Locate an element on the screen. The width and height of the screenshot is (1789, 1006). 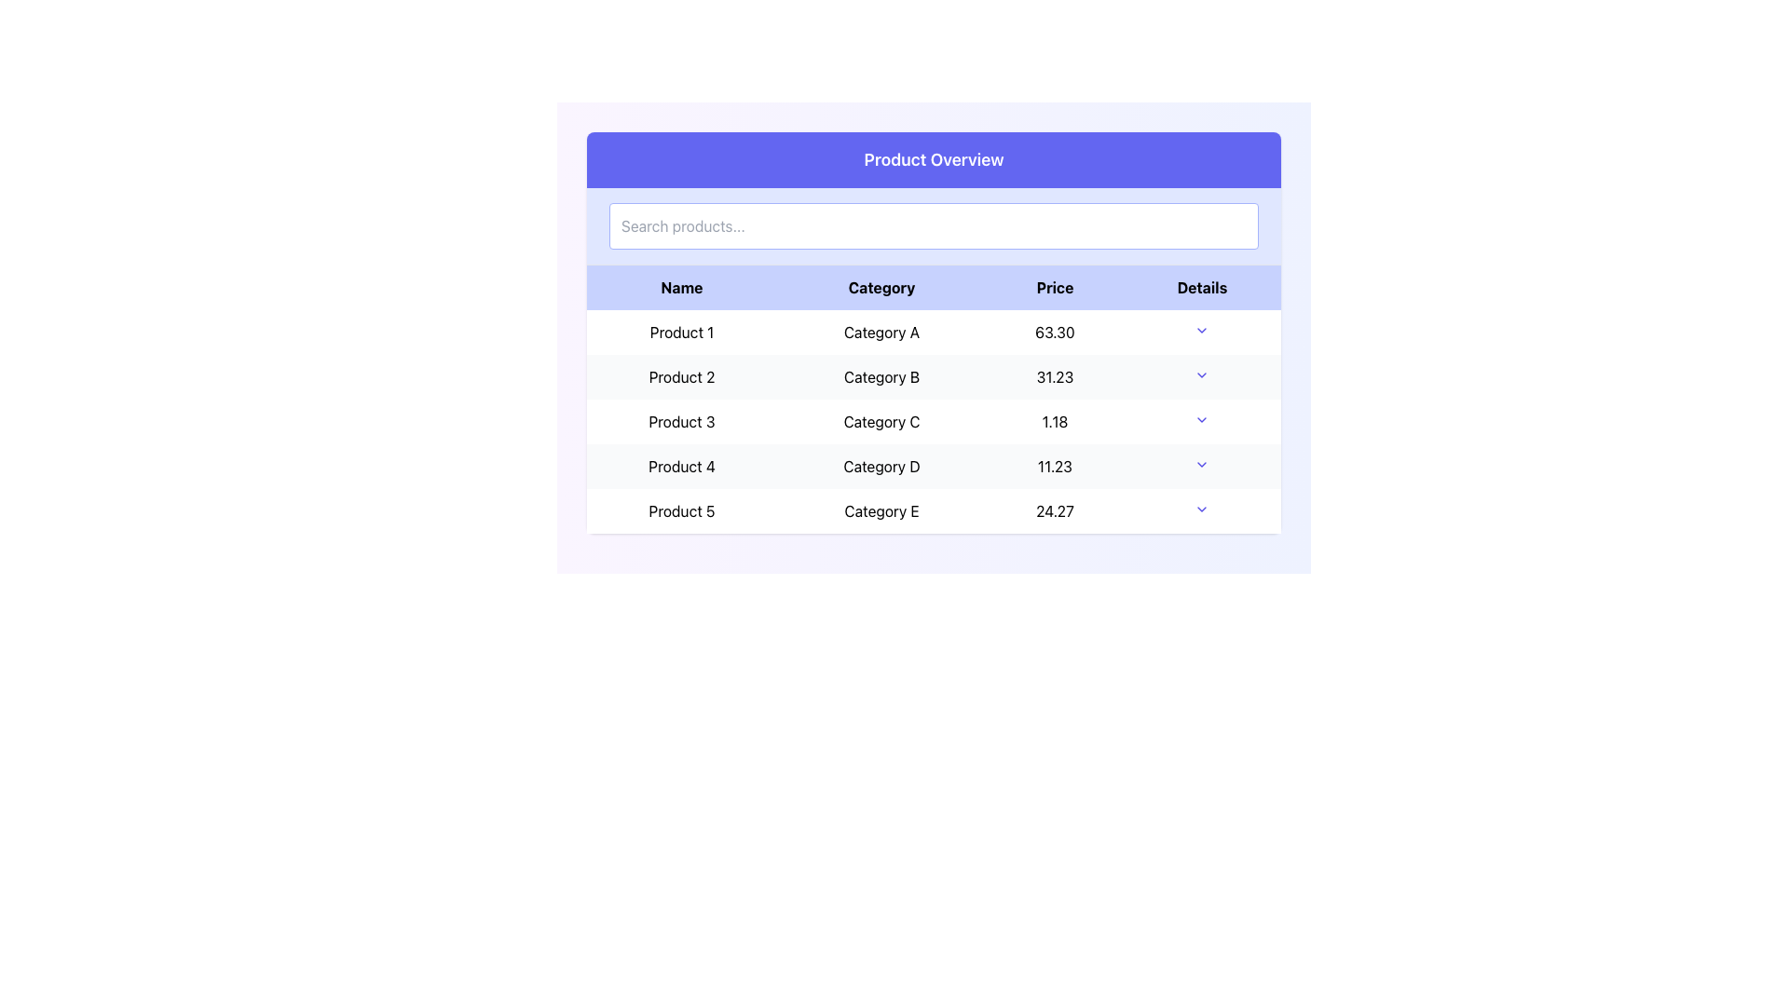
on the row labeled 'Product 5' in the table, which is in the last row and associated with 'Category E' and priced at '24.27' is located at coordinates (934, 510).